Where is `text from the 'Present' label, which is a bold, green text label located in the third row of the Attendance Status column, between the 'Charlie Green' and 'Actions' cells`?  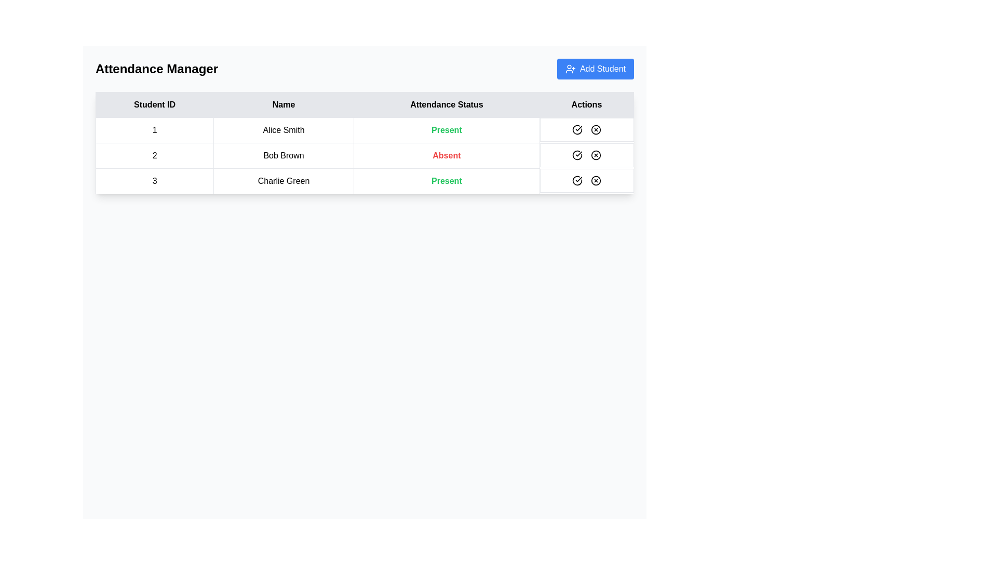
text from the 'Present' label, which is a bold, green text label located in the third row of the Attendance Status column, between the 'Charlie Green' and 'Actions' cells is located at coordinates (447, 180).